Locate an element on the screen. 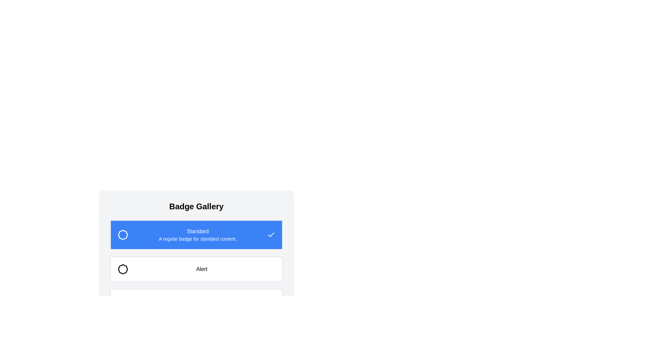  the first badge card titled 'Standard' is located at coordinates (196, 235).